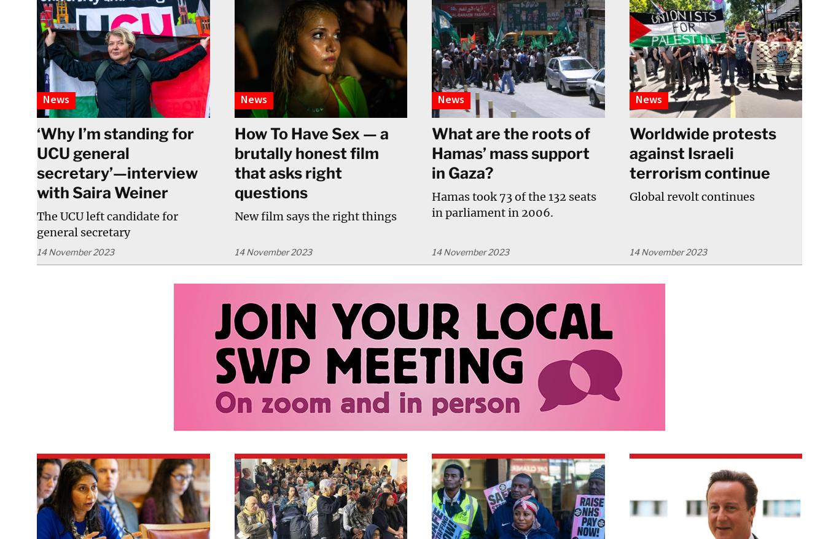 The image size is (839, 539). What do you see at coordinates (314, 215) in the screenshot?
I see `'New film says the right things'` at bounding box center [314, 215].